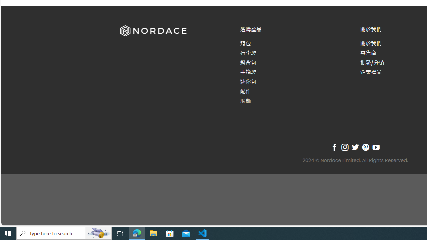  Describe the element at coordinates (376, 147) in the screenshot. I see `'Follow on YouTube'` at that location.